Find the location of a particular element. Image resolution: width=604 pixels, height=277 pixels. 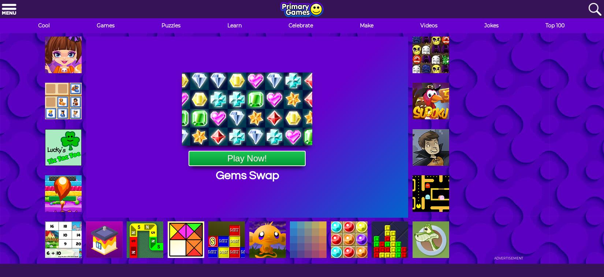

'Make' is located at coordinates (360, 25).